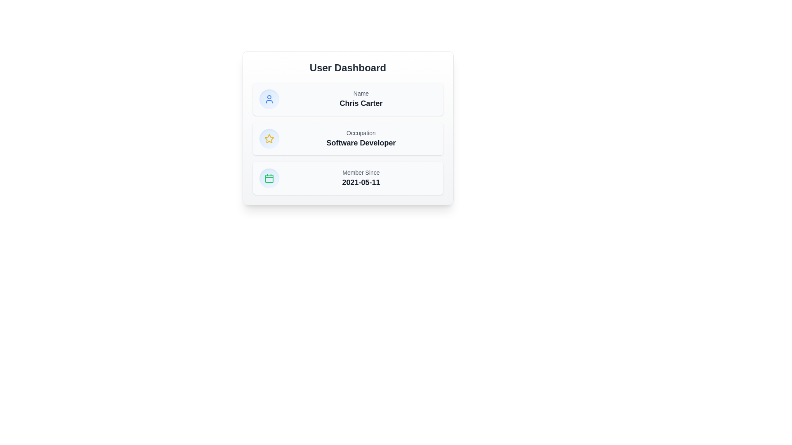  What do you see at coordinates (269, 178) in the screenshot?
I see `the calendar icon with a green outline and white background located at the bottom-left of the last row in the 'Member Since' section` at bounding box center [269, 178].